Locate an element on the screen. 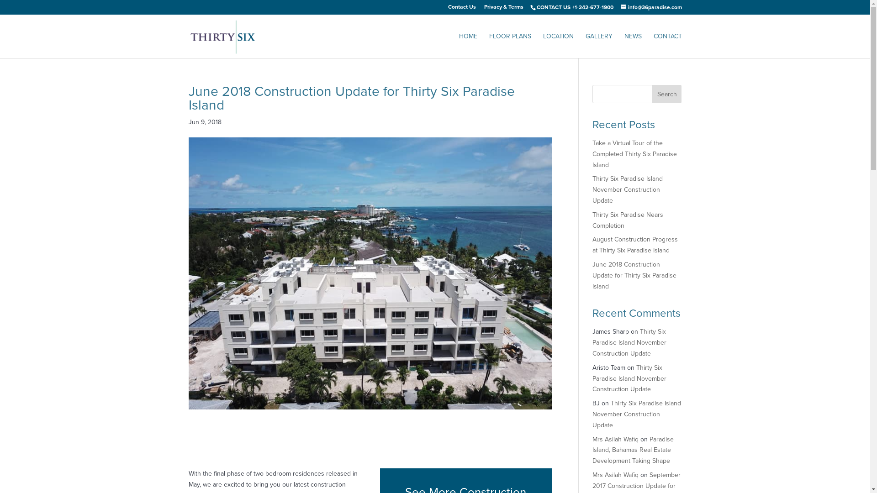 The image size is (877, 493). 'Privacy & Terms' is located at coordinates (484, 9).